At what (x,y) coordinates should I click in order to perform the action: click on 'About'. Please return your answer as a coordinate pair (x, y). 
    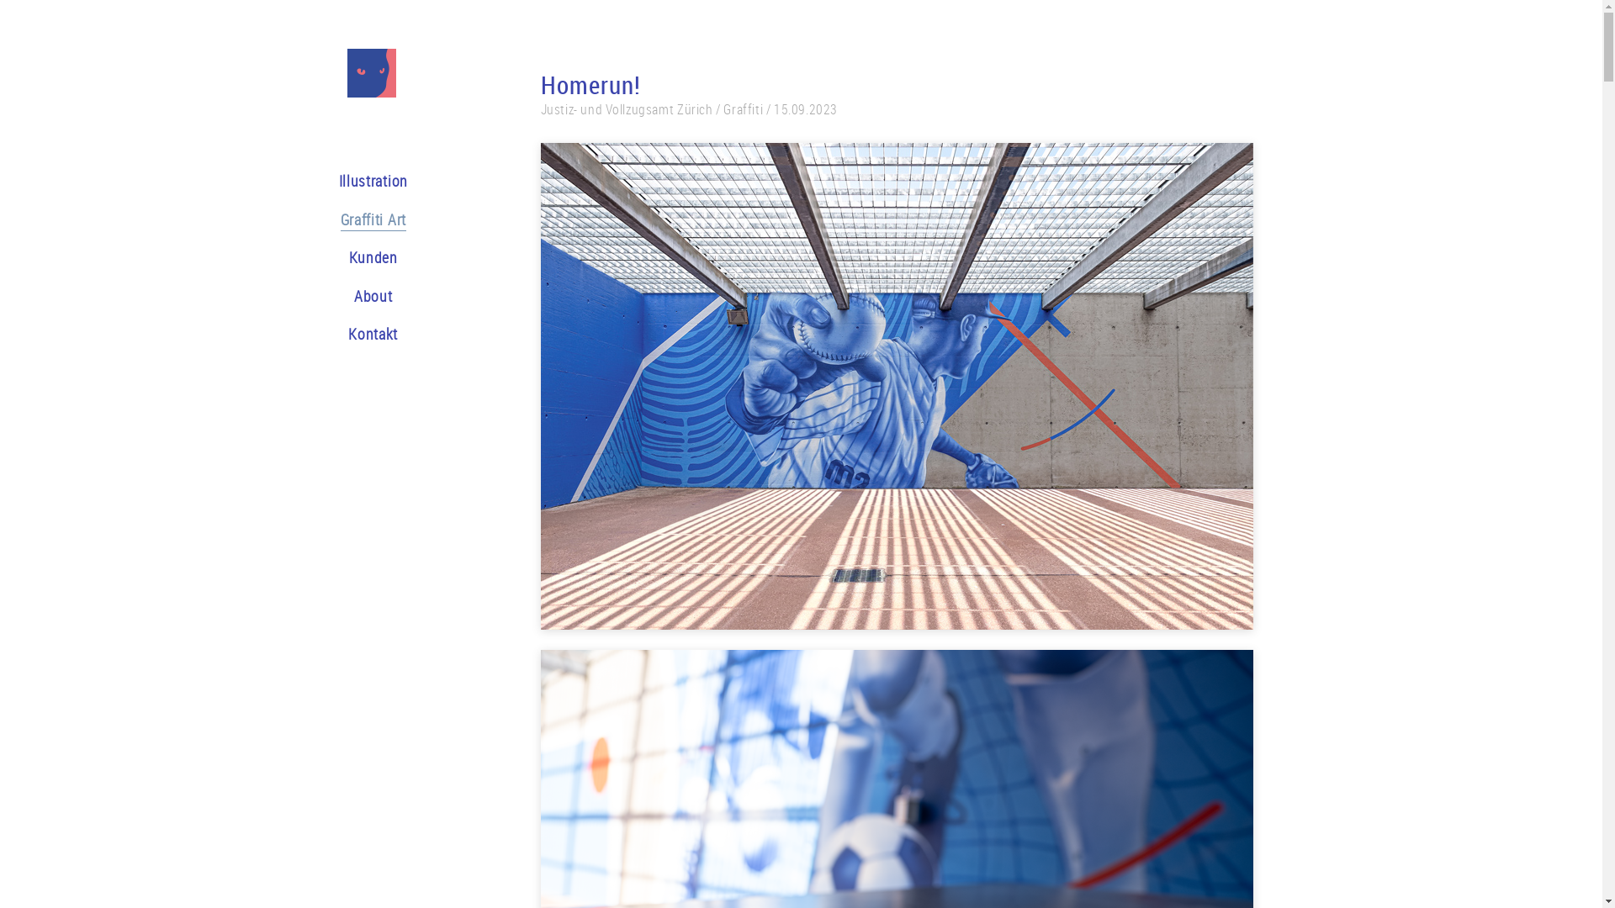
    Looking at the image, I should click on (373, 297).